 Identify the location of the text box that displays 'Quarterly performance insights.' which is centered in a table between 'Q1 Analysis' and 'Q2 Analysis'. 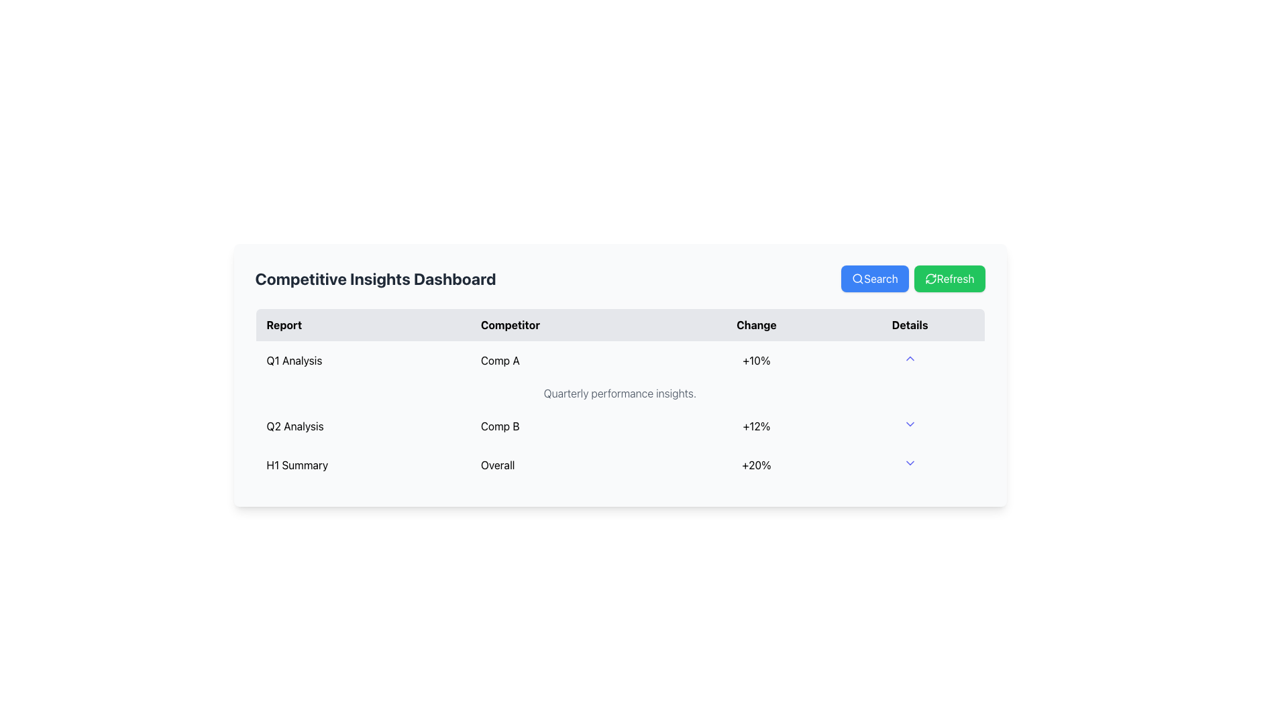
(619, 392).